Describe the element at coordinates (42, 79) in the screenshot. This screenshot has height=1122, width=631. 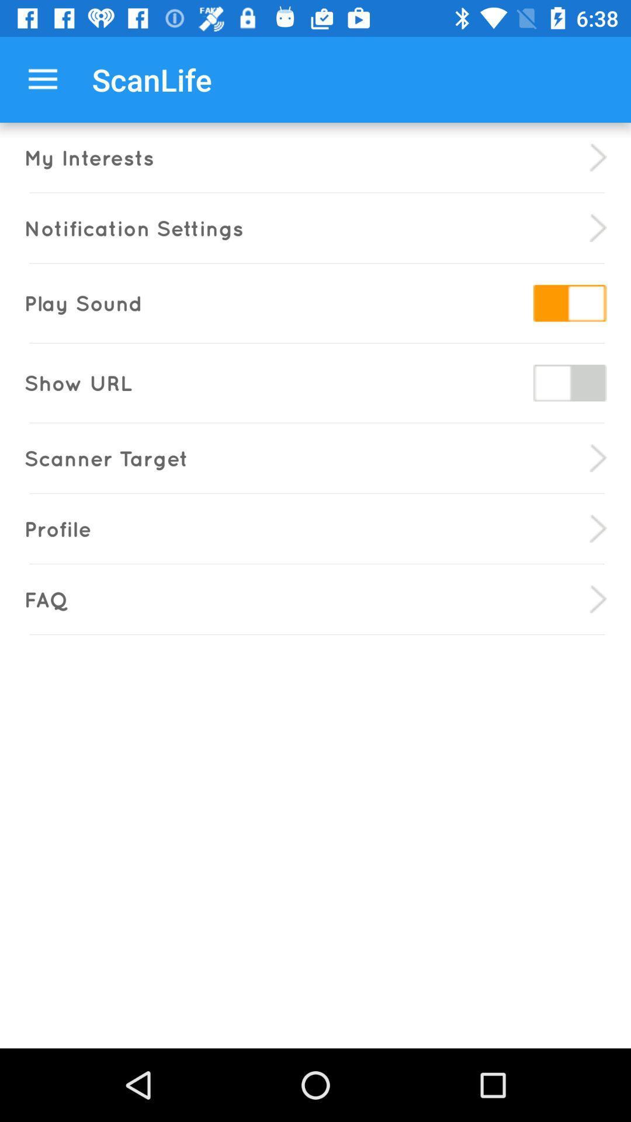
I see `the item to the left of the scanlife app` at that location.